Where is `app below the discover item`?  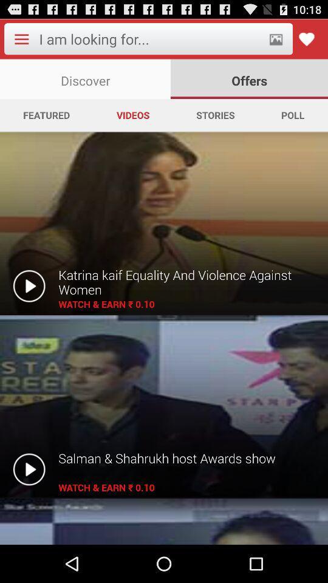
app below the discover item is located at coordinates (46, 115).